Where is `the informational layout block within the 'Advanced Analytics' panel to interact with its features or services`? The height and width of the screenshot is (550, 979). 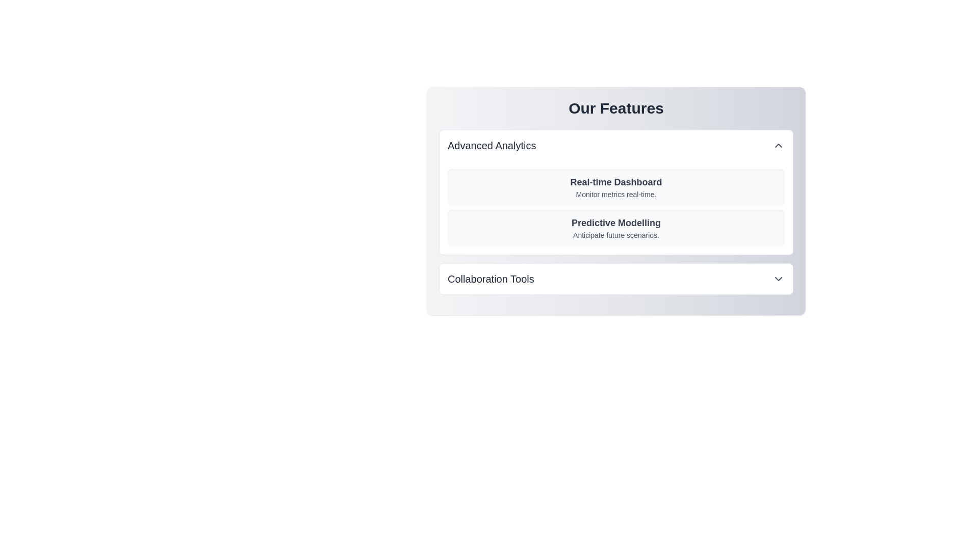 the informational layout block within the 'Advanced Analytics' panel to interact with its features or services is located at coordinates (615, 207).